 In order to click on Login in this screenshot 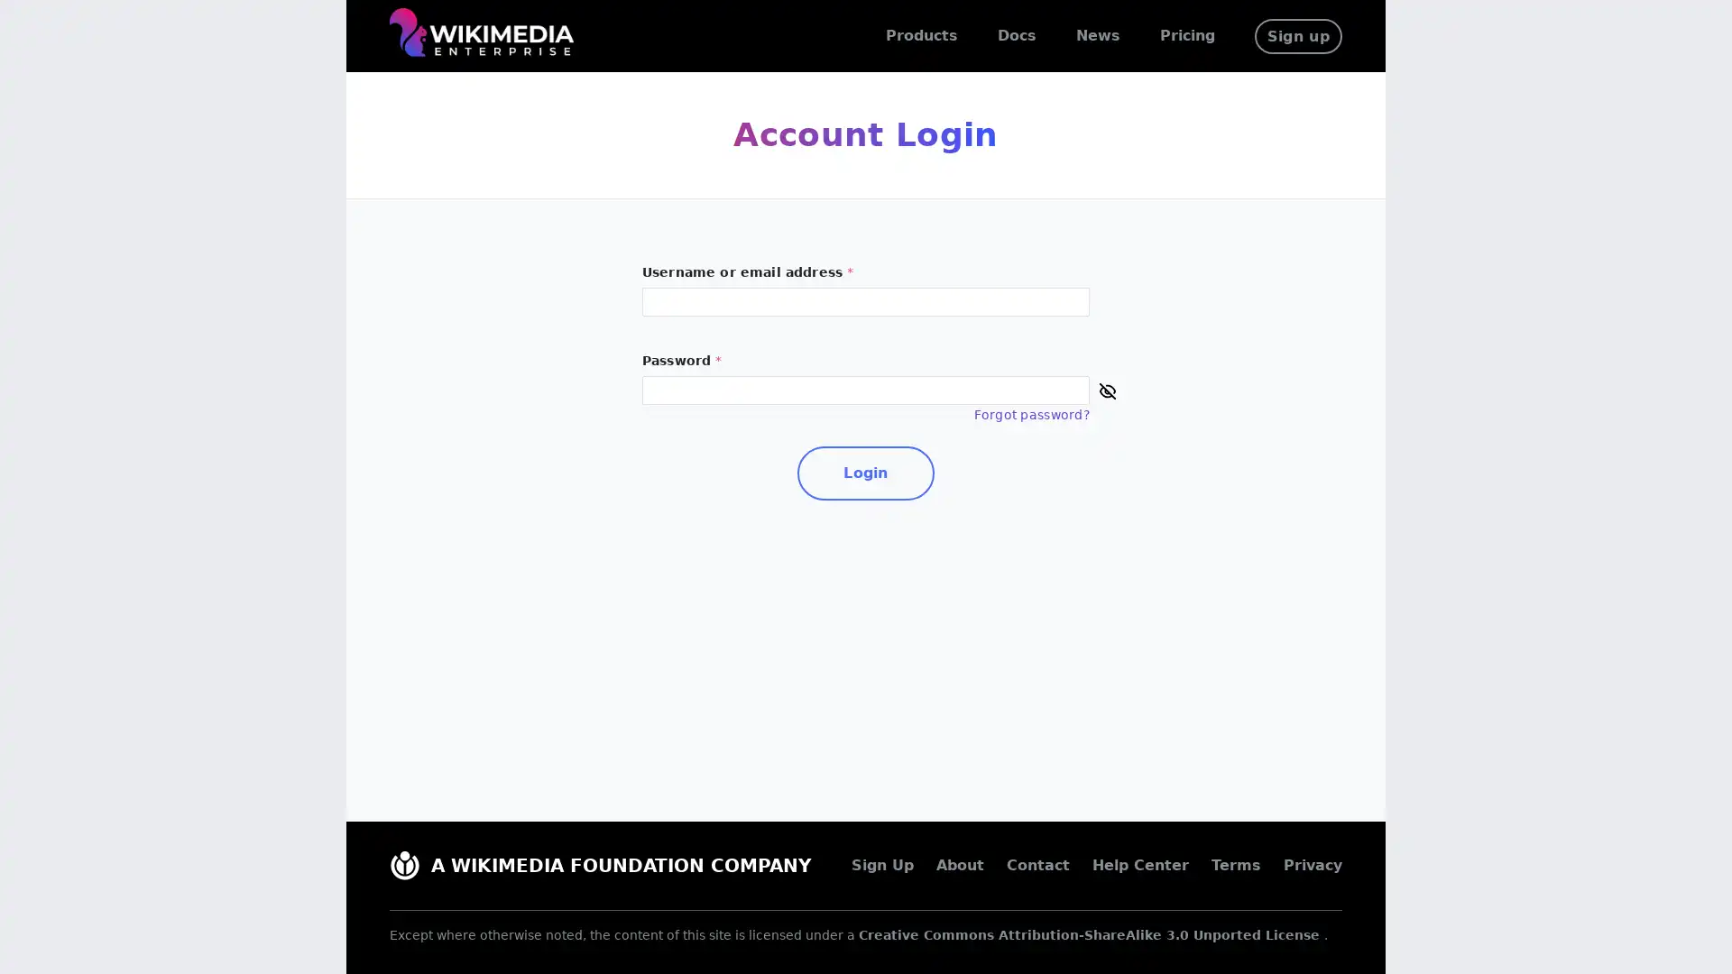, I will do `click(866, 472)`.